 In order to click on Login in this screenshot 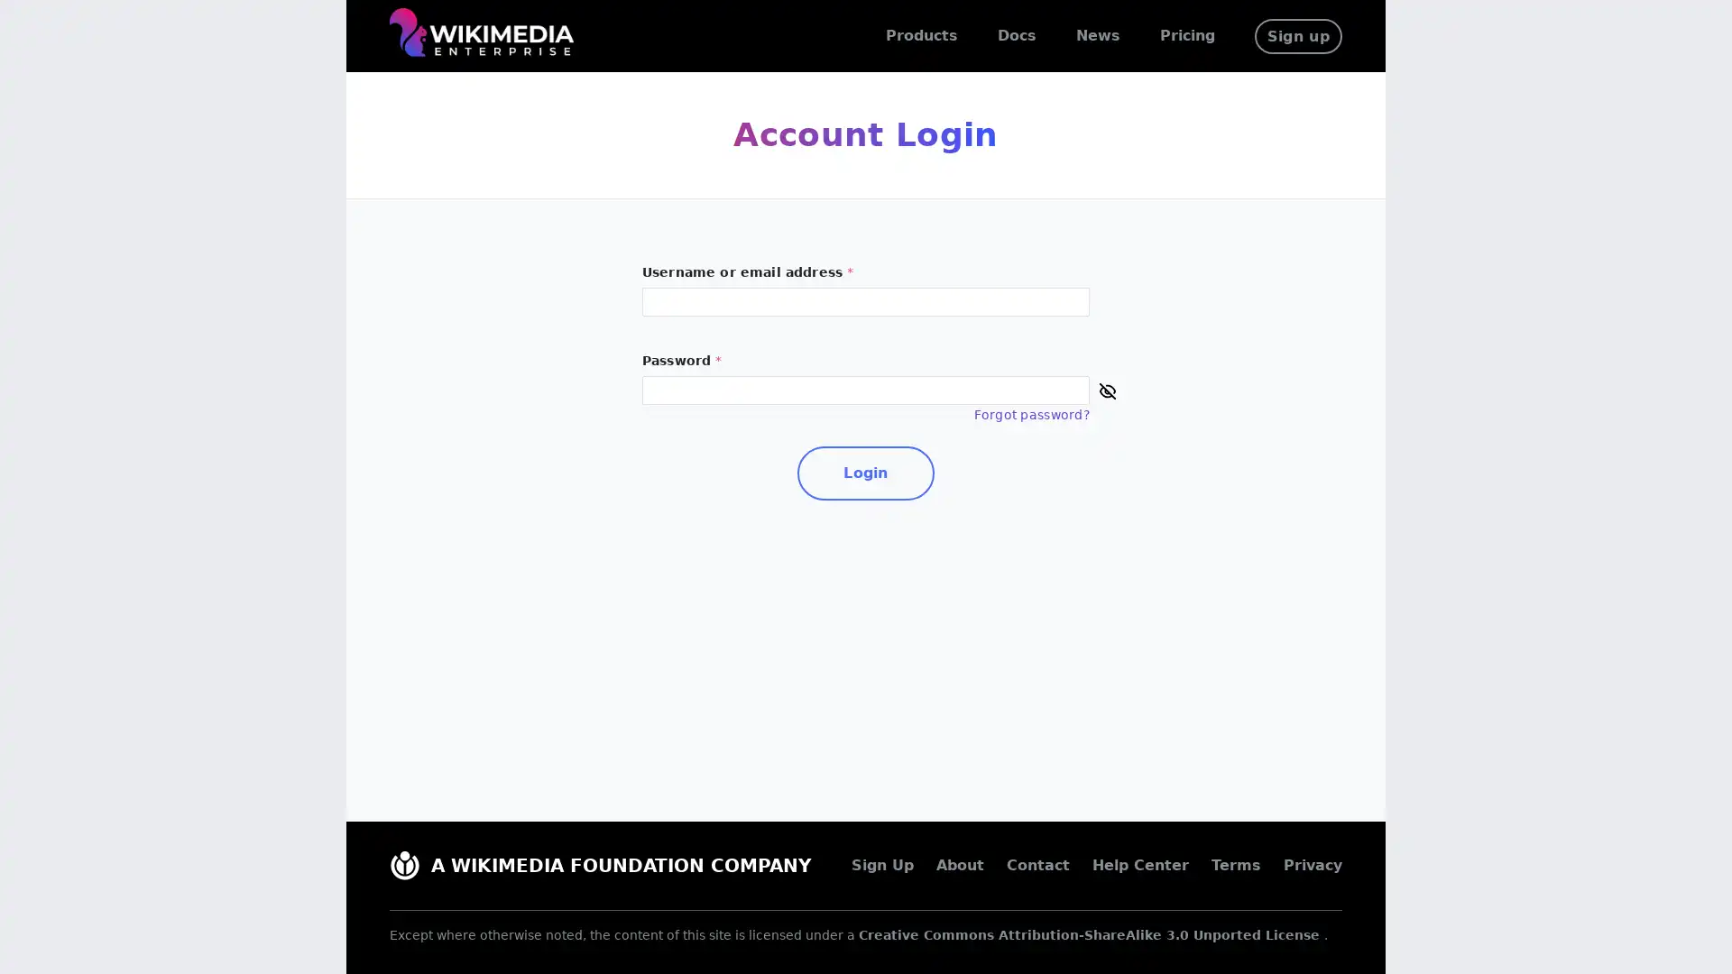, I will do `click(866, 472)`.